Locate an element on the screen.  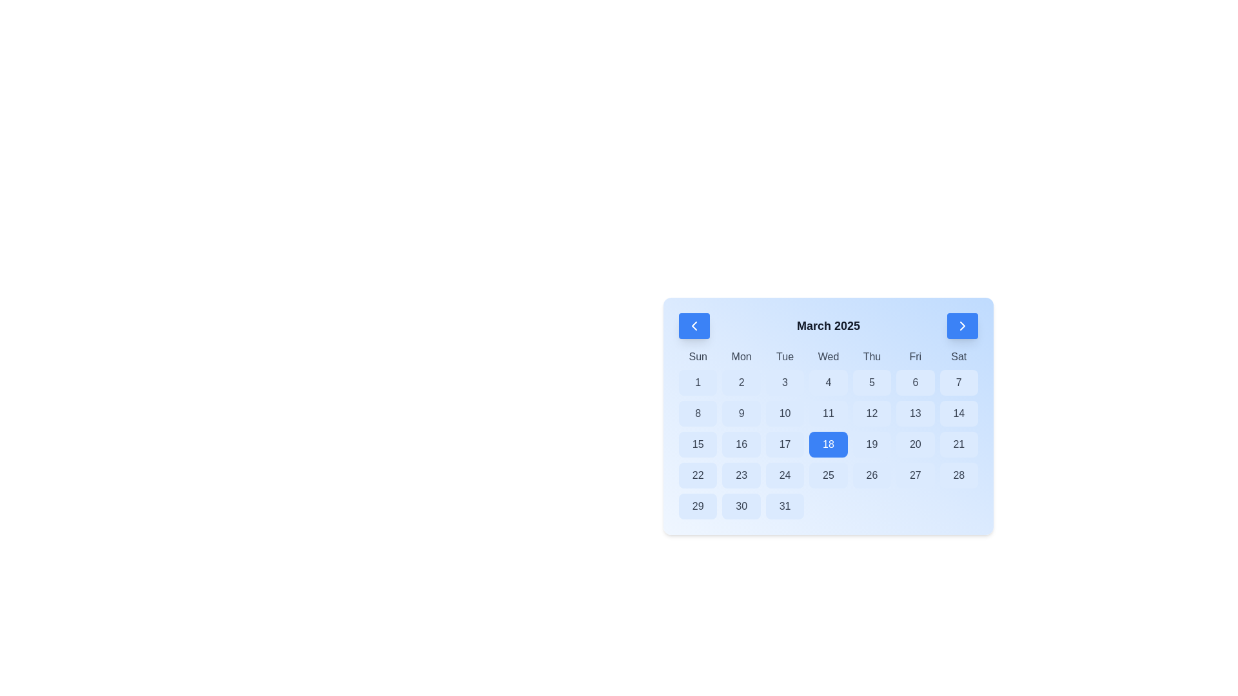
the button representing the 17th day of the month in the calendar interface is located at coordinates (784, 444).